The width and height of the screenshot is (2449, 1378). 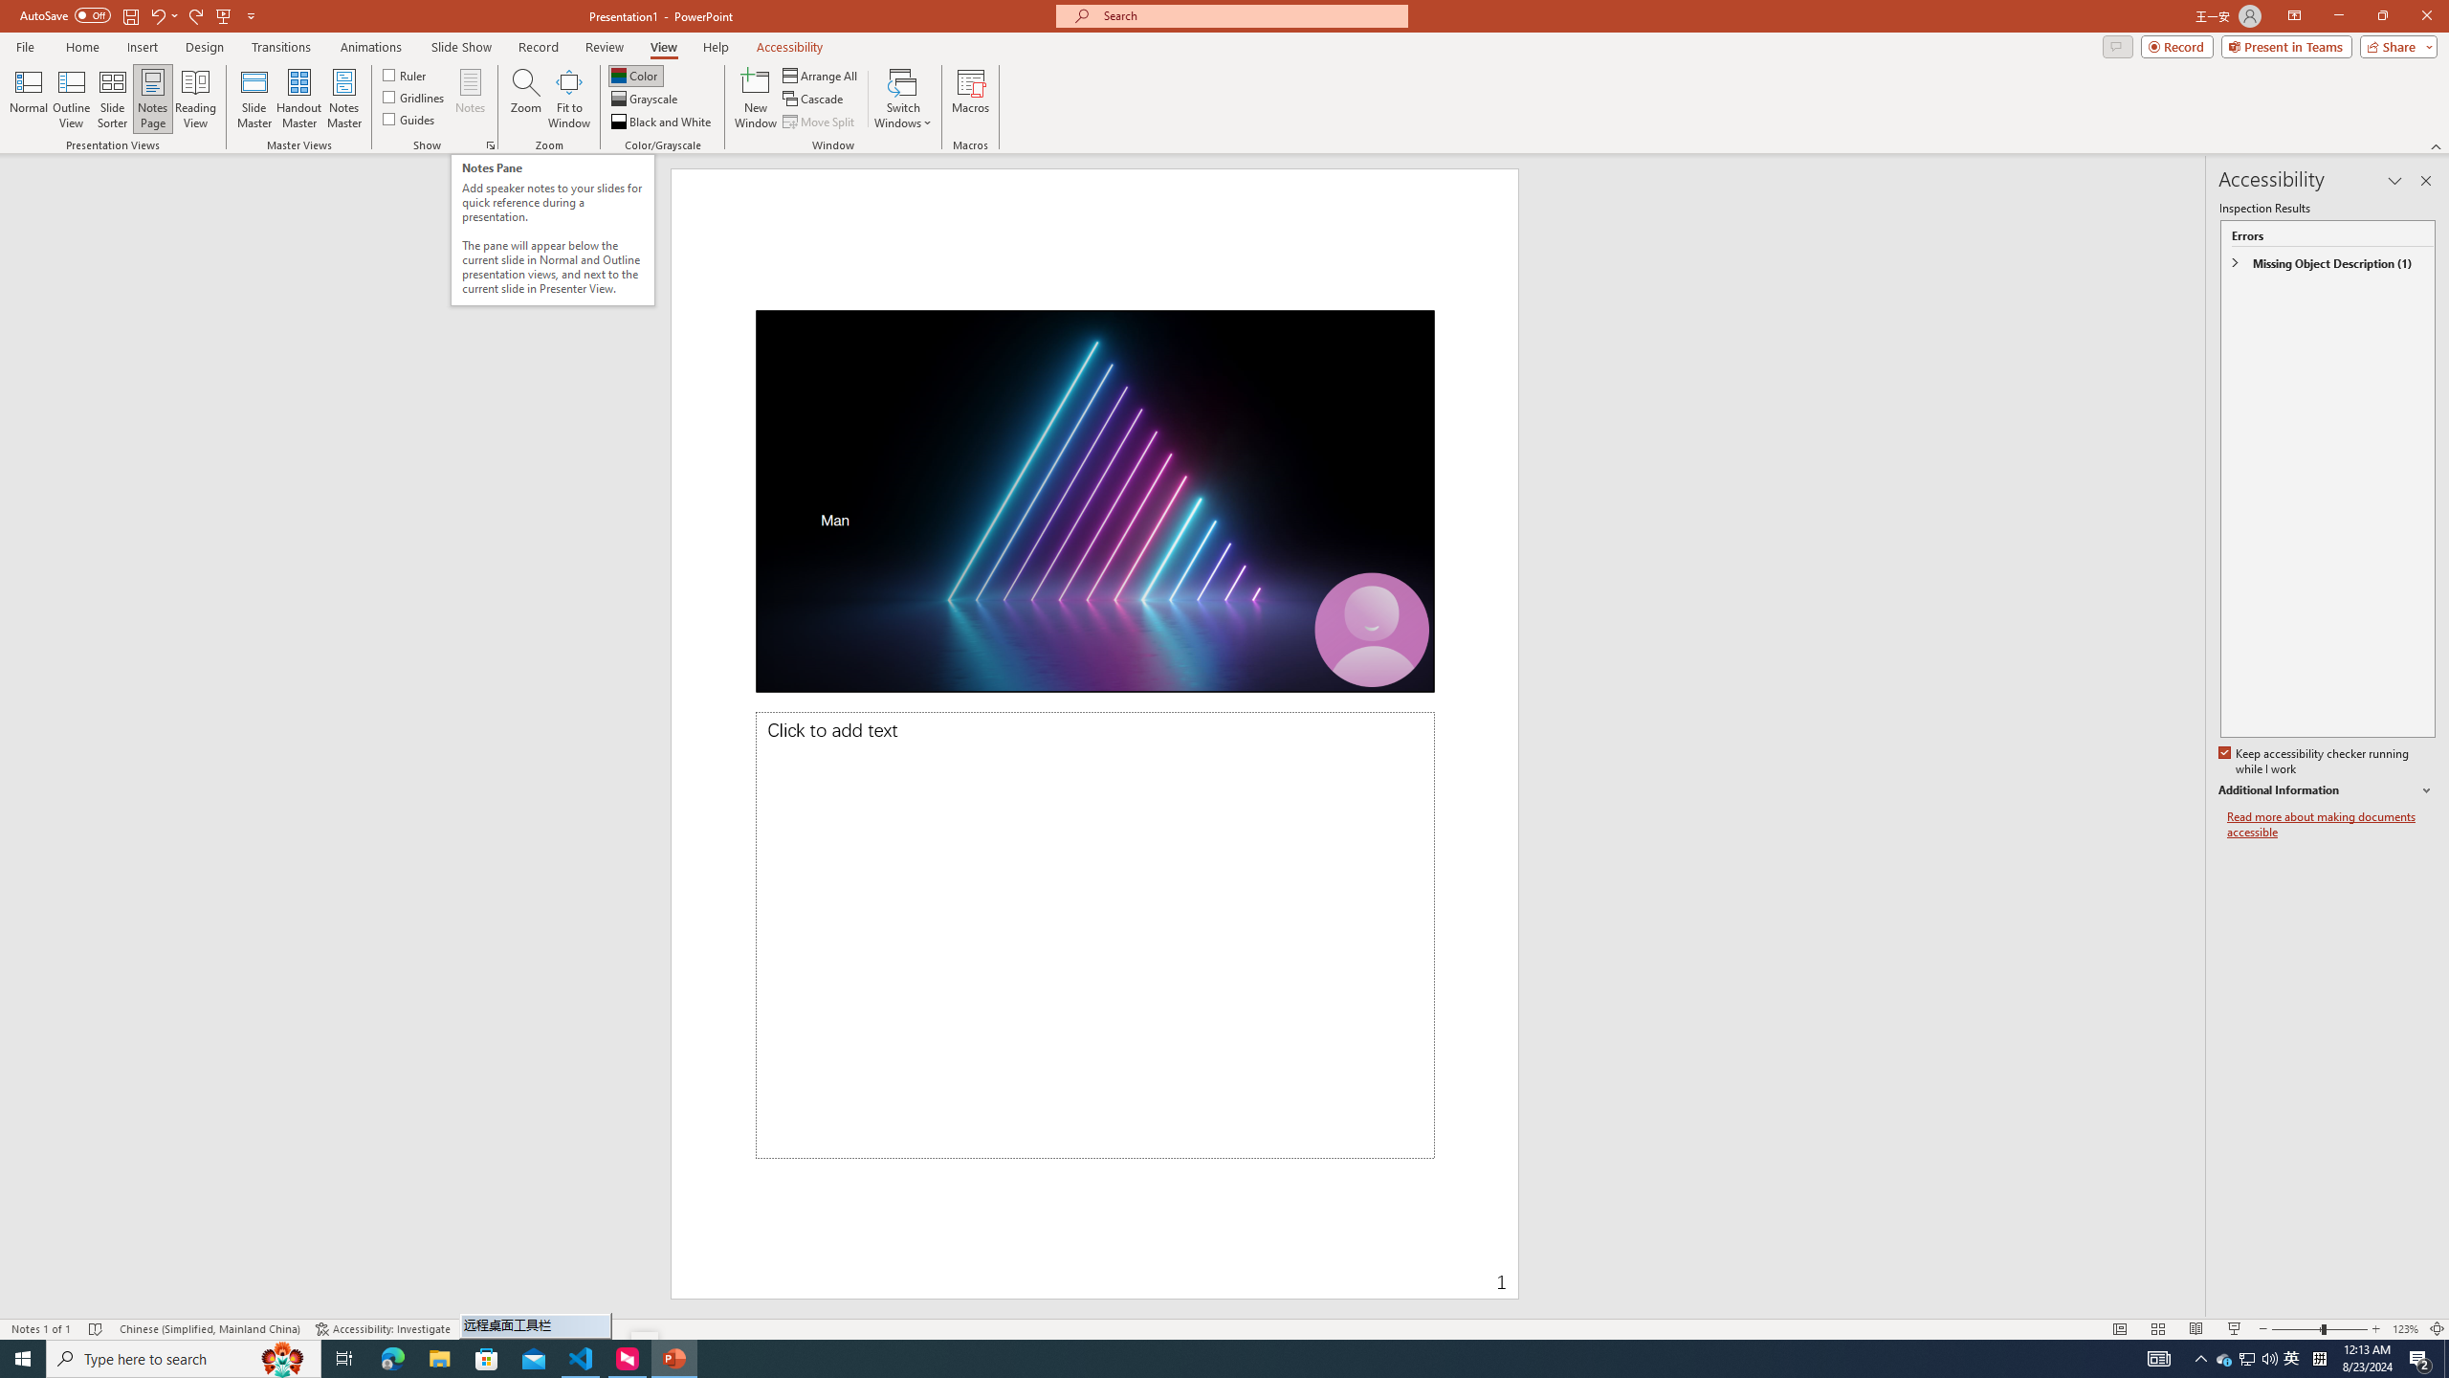 What do you see at coordinates (469, 99) in the screenshot?
I see `'Notes'` at bounding box center [469, 99].